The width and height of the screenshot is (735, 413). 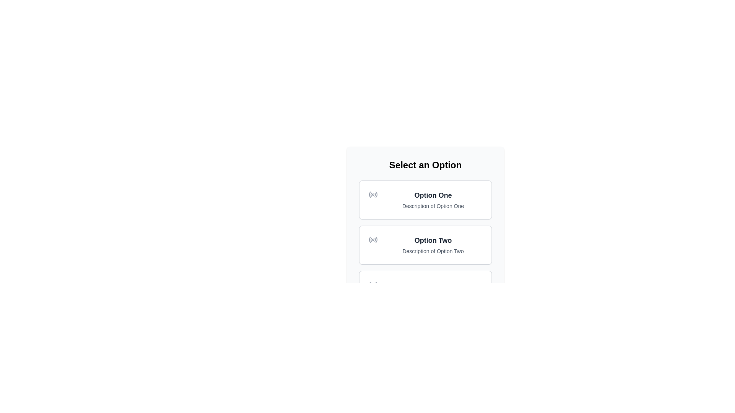 I want to click on the Labeled Option titled 'Option One', so click(x=433, y=200).